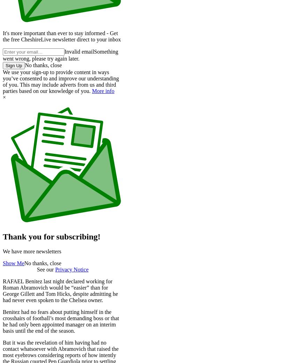  I want to click on 'It's more important than ever to stay informed - Get the free CheshireLive newsletter direct to your inbox', so click(62, 36).